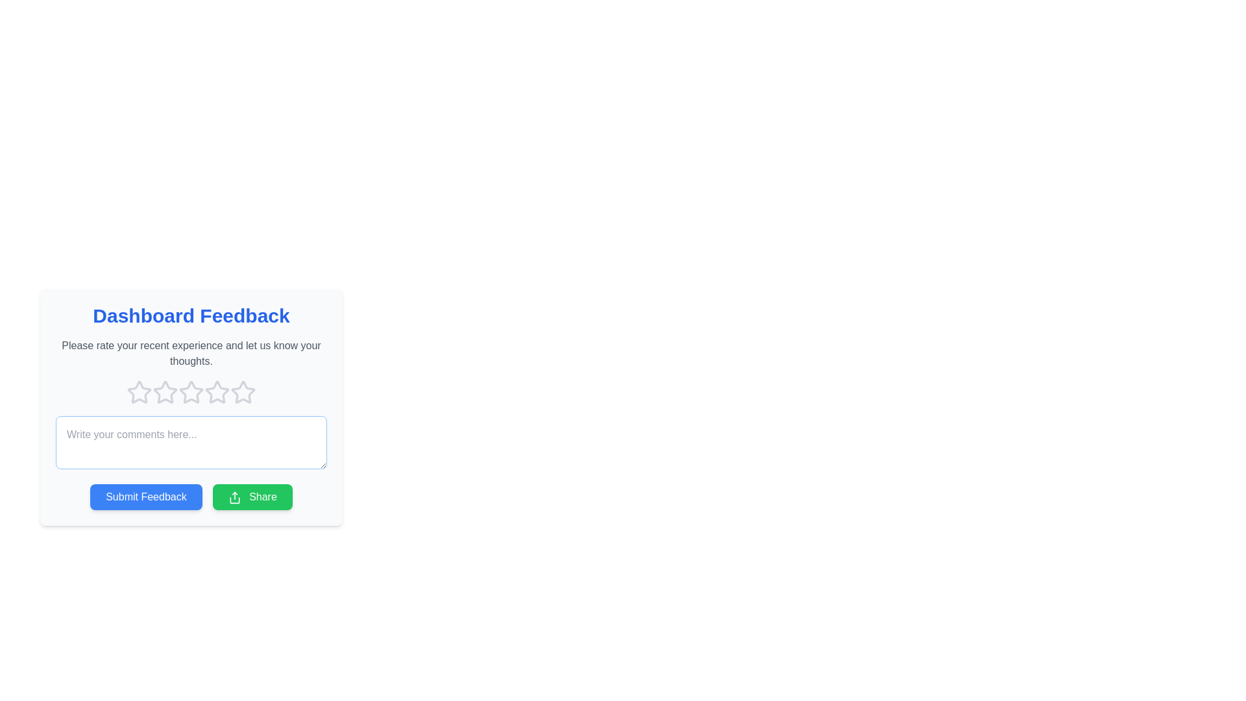  I want to click on the text input field for comments or feedback located below the star icons and above the 'Submit Feedback' and 'Share' buttons, then clear the text by selecting and deleting it, so click(190, 442).